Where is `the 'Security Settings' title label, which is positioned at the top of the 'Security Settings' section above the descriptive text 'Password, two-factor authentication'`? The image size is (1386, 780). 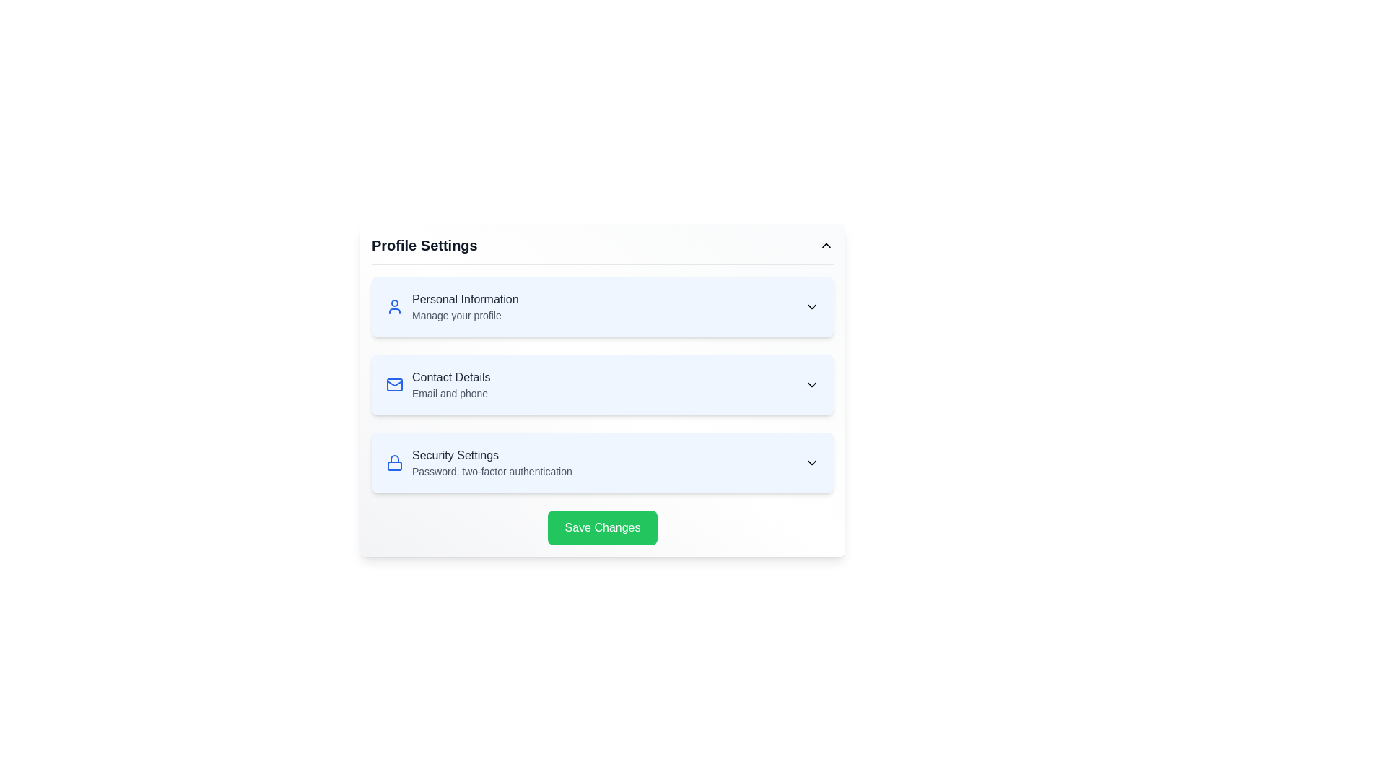 the 'Security Settings' title label, which is positioned at the top of the 'Security Settings' section above the descriptive text 'Password, two-factor authentication' is located at coordinates (492, 456).